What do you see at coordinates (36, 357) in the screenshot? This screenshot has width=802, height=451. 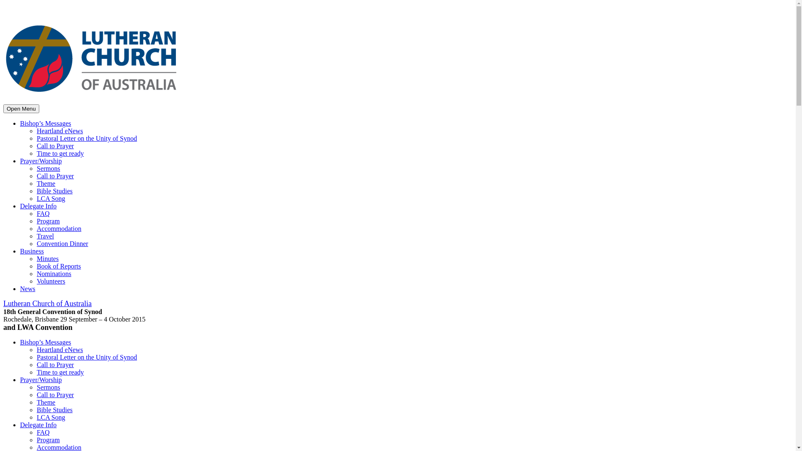 I see `'Pastoral Letter on the Unity of Synod'` at bounding box center [36, 357].